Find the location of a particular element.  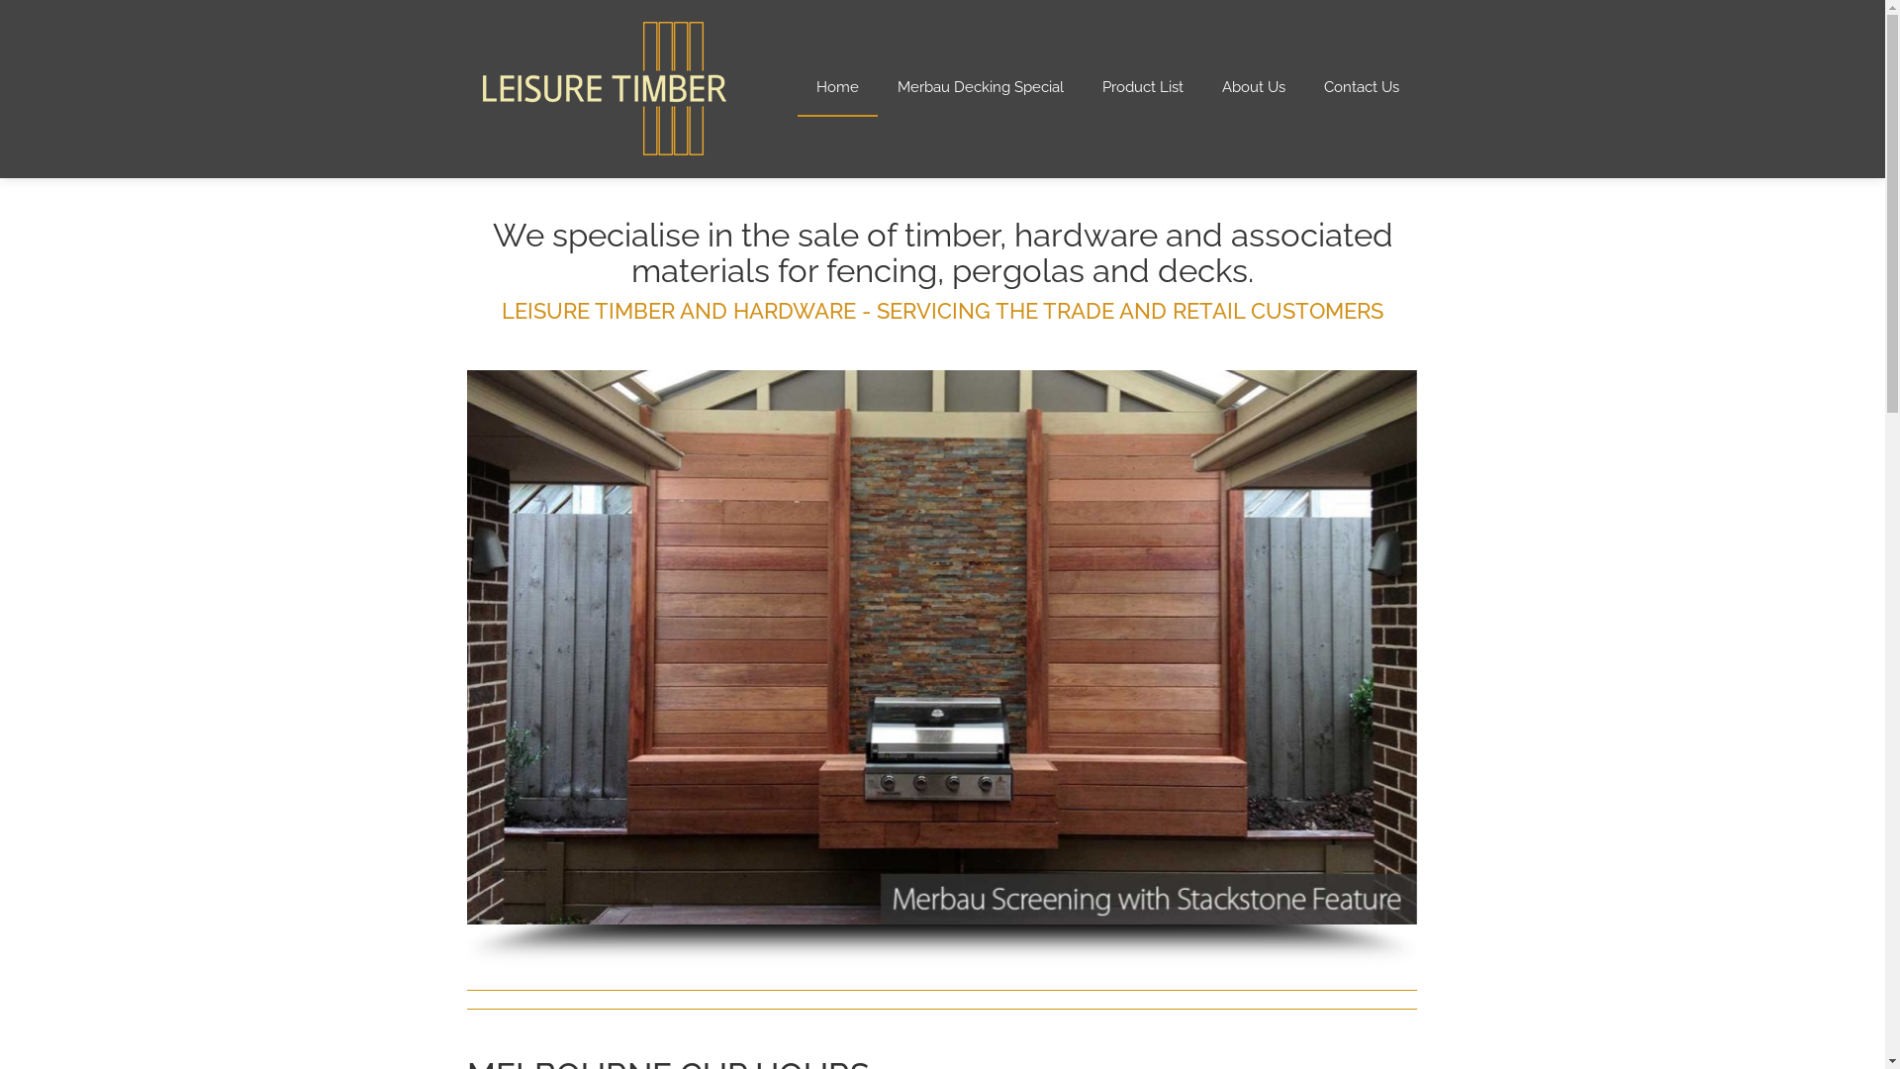

'About Us' is located at coordinates (1201, 86).